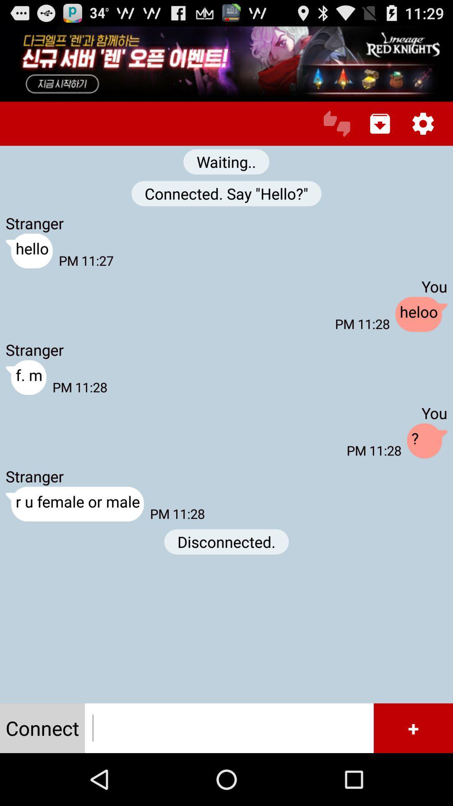 Image resolution: width=453 pixels, height=806 pixels. Describe the element at coordinates (421, 314) in the screenshot. I see `item next to pm 11:28 app` at that location.